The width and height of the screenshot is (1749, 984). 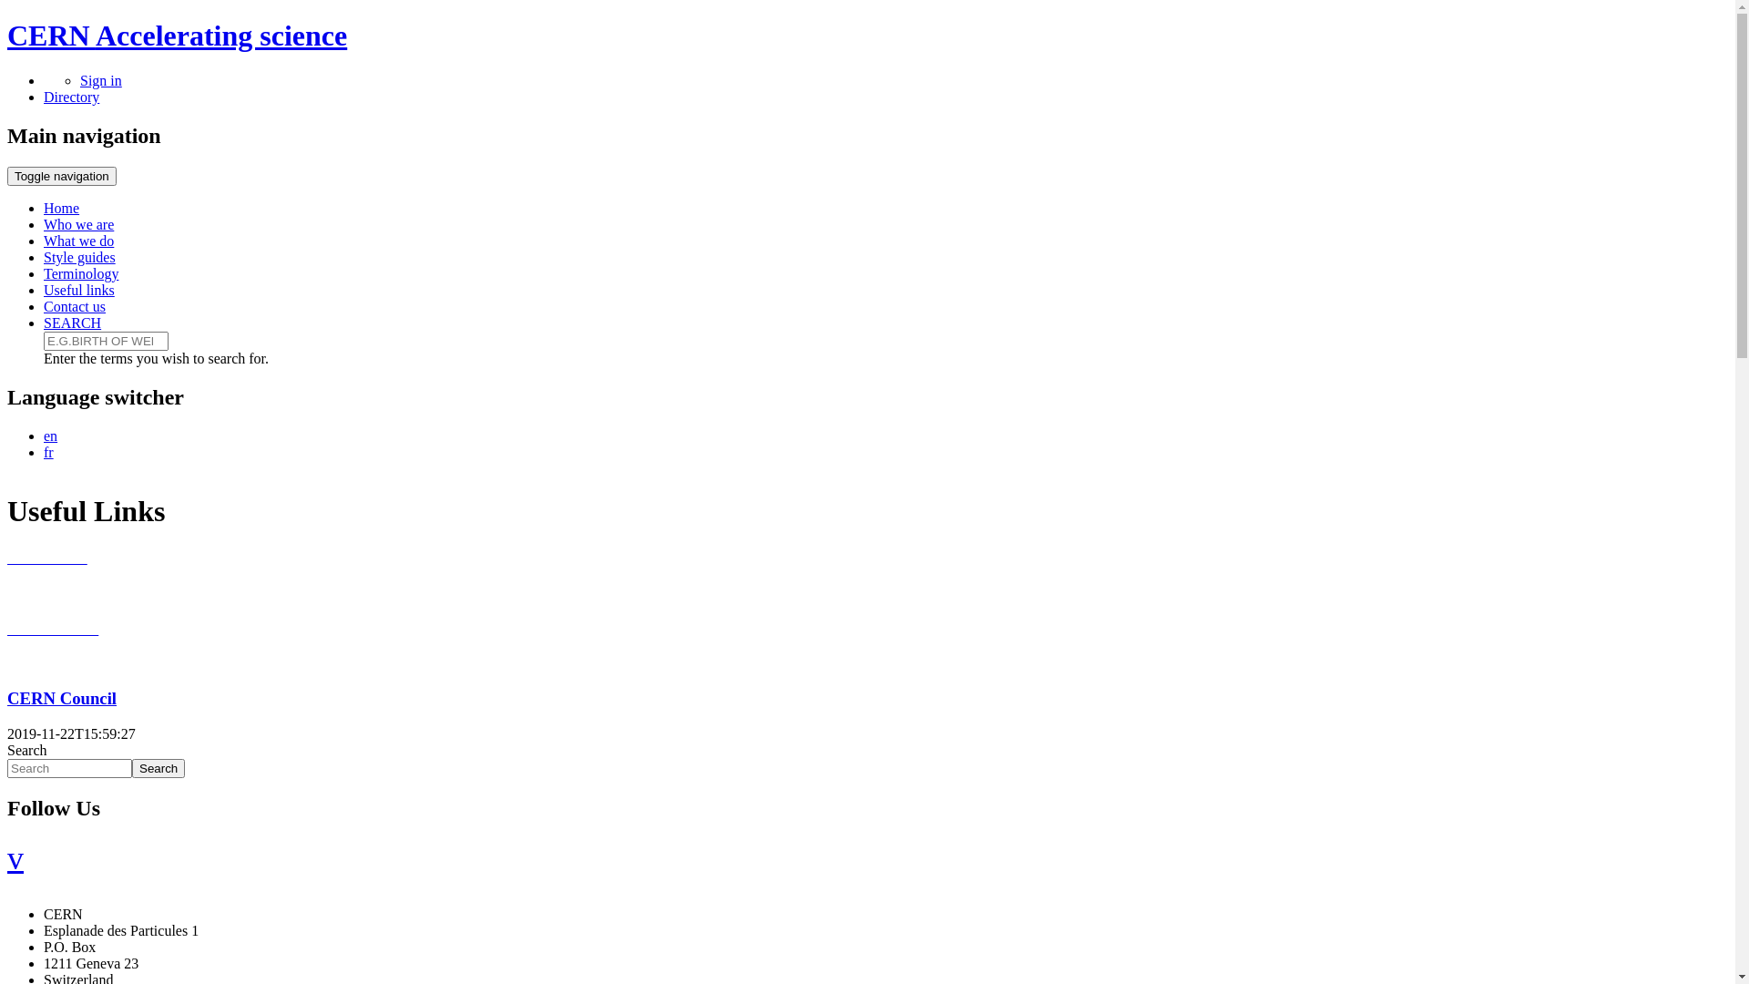 What do you see at coordinates (72, 322) in the screenshot?
I see `'SEARCH'` at bounding box center [72, 322].